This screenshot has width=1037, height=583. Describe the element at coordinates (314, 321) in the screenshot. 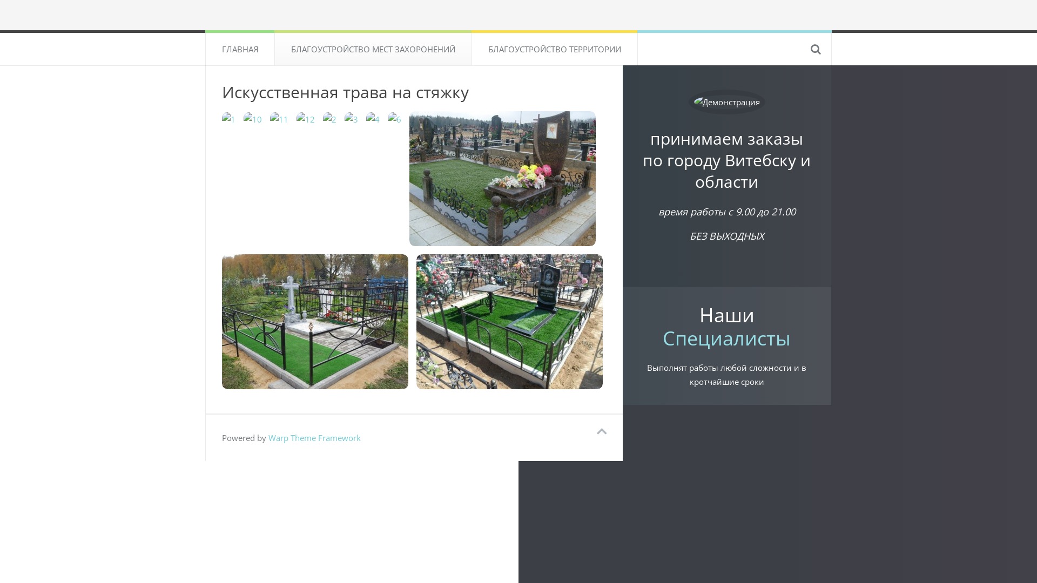

I see `'8'` at that location.